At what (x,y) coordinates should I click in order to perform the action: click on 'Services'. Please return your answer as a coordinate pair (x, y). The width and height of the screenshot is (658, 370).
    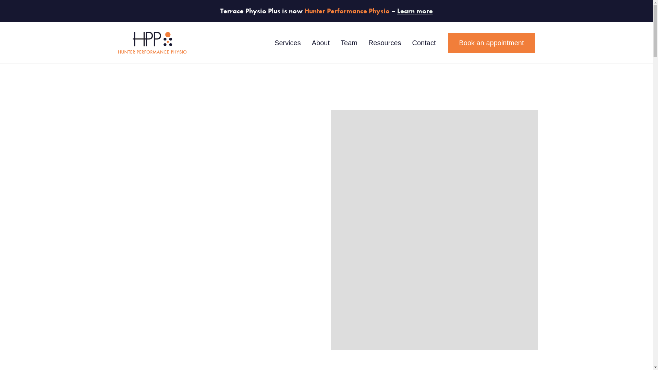
    Looking at the image, I should click on (288, 43).